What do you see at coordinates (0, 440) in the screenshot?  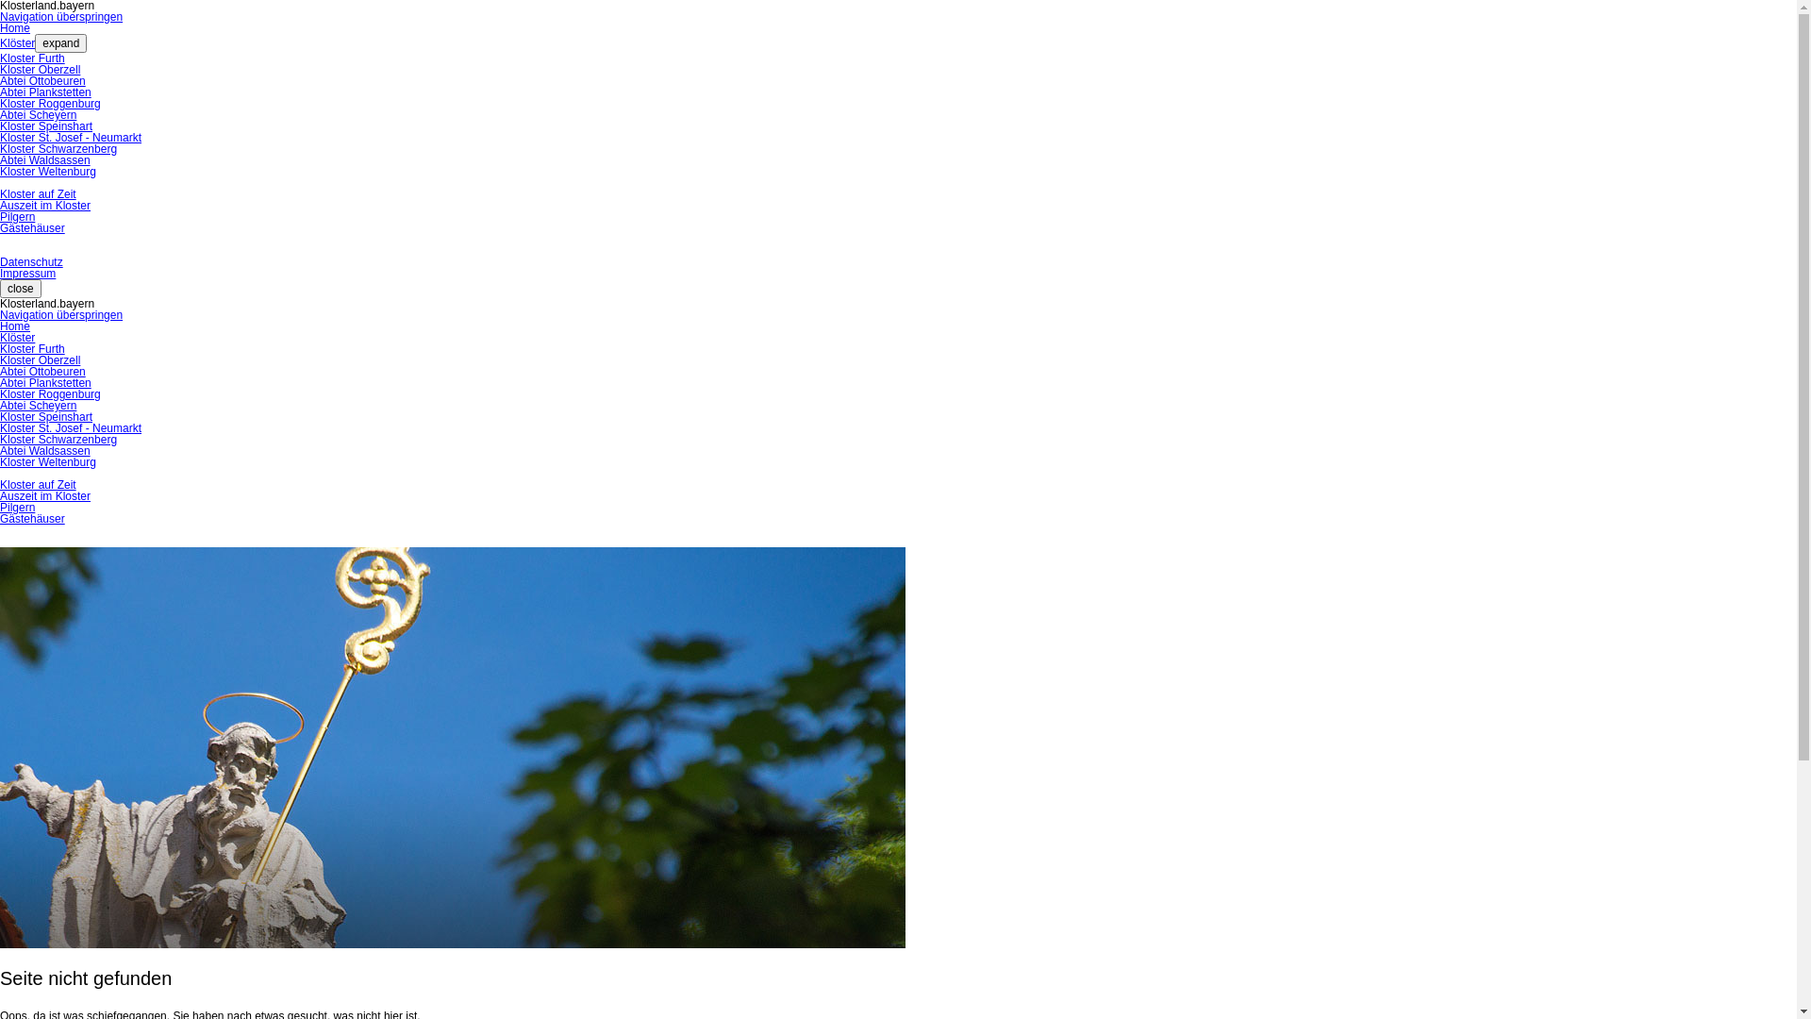 I see `'Kloster Schwarzenberg'` at bounding box center [0, 440].